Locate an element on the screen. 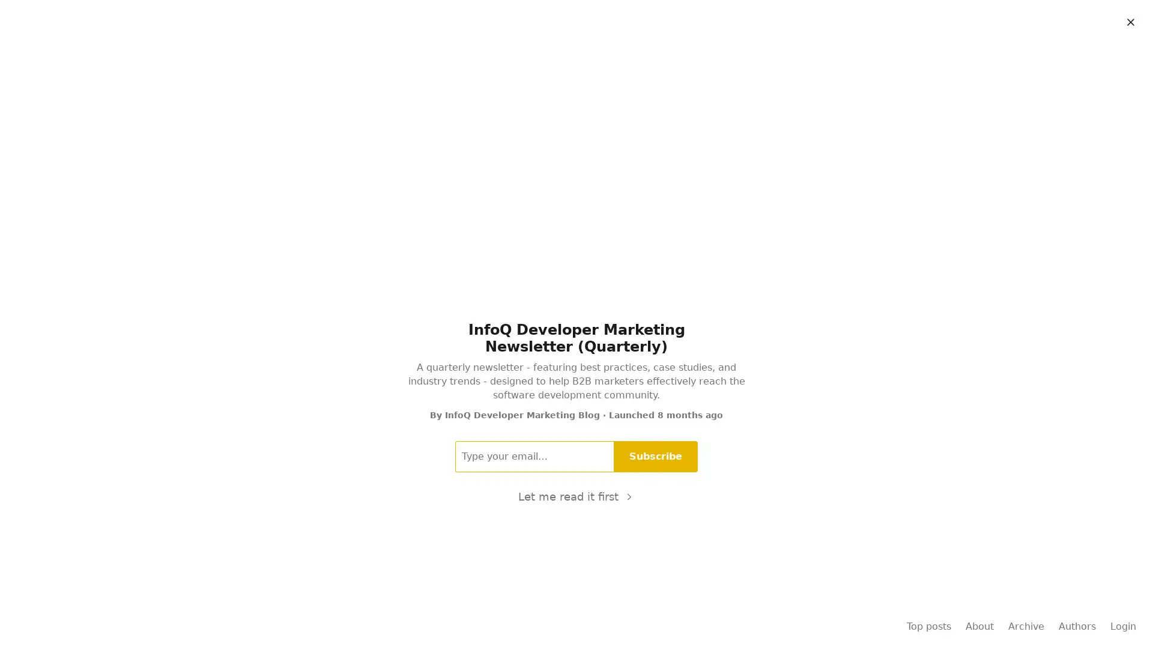  About is located at coordinates (751, 52).